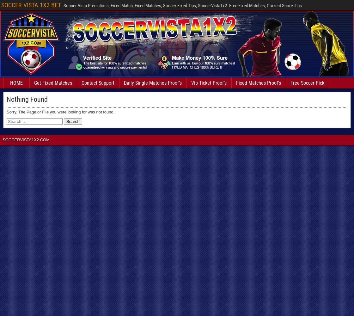  I want to click on 'Get Fixed Matches', so click(53, 83).